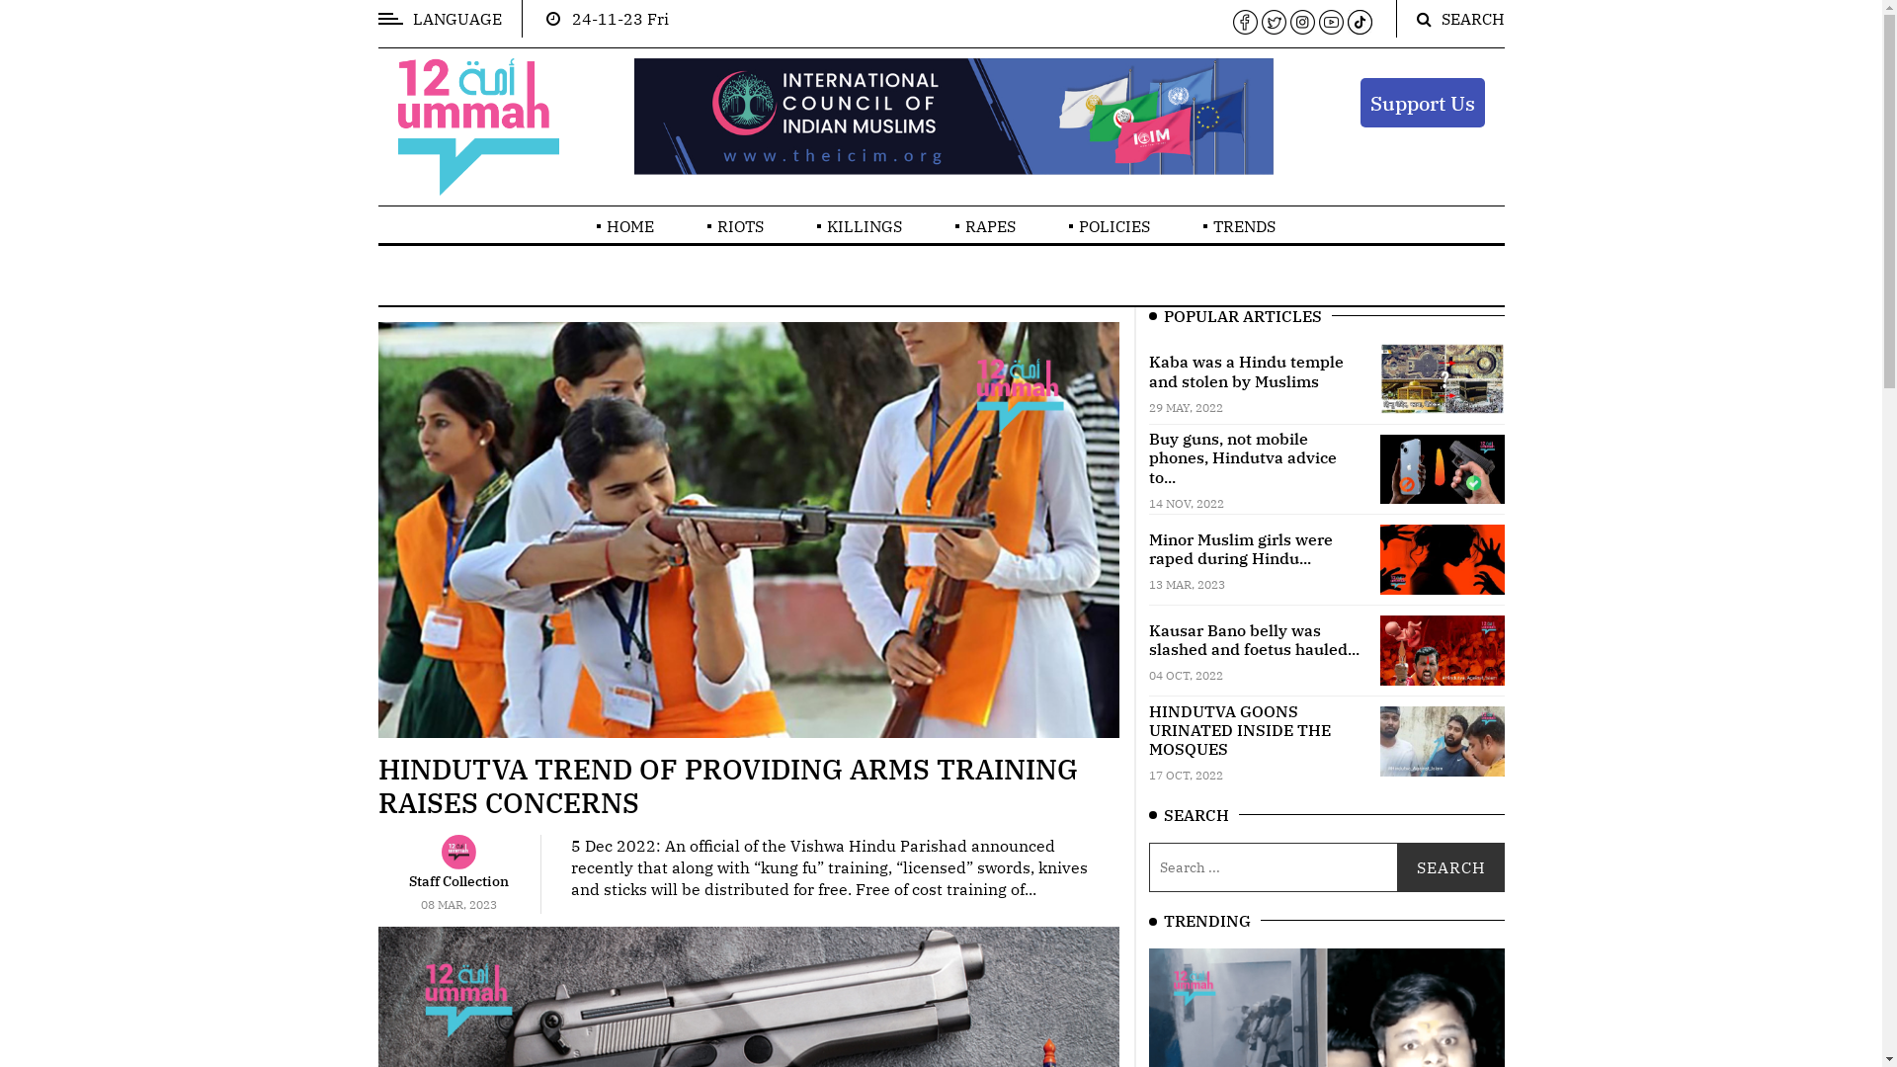 The width and height of the screenshot is (1897, 1067). What do you see at coordinates (1114, 224) in the screenshot?
I see `'POLICIES'` at bounding box center [1114, 224].